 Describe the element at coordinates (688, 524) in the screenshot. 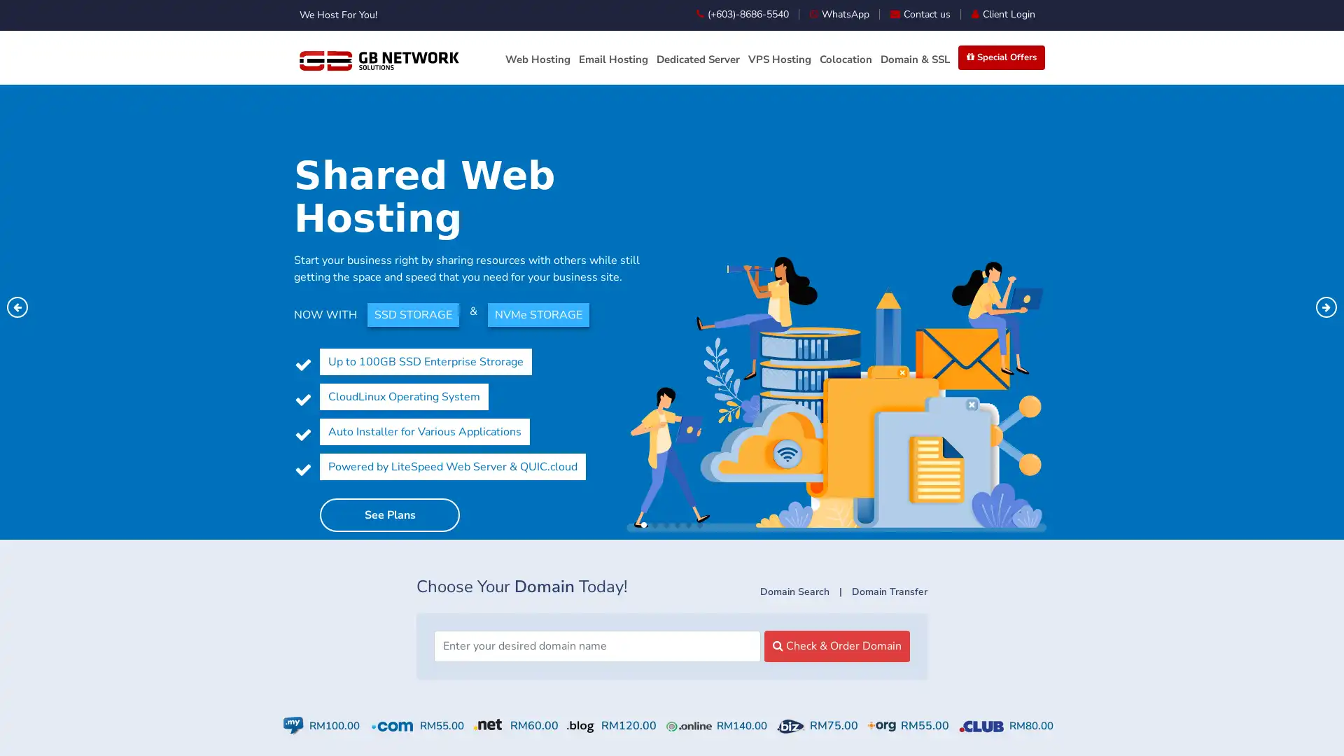

I see `Go to slide 5` at that location.